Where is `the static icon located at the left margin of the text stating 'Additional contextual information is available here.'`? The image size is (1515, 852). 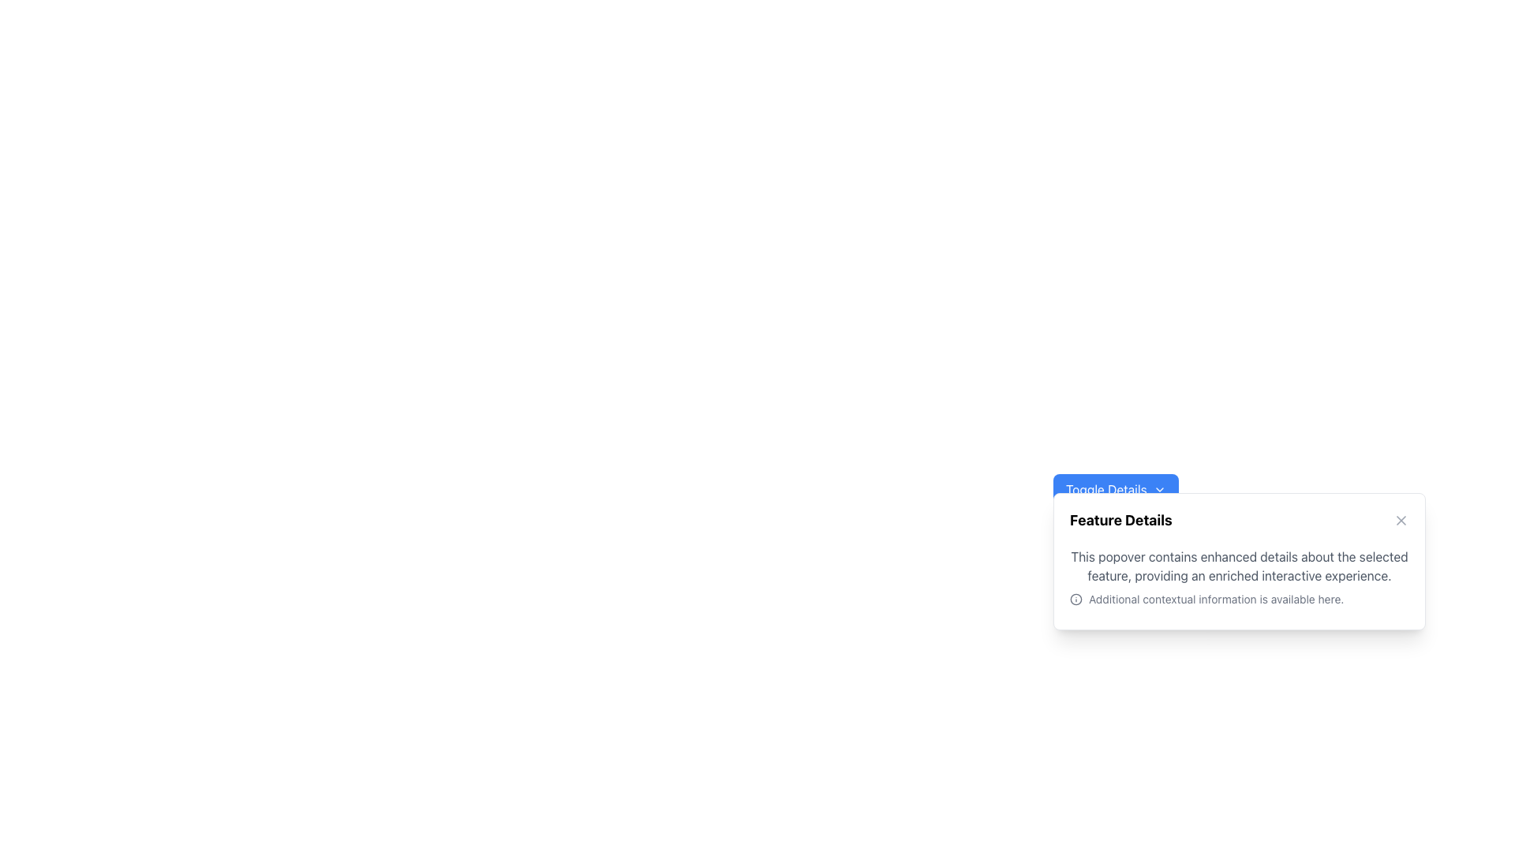
the static icon located at the left margin of the text stating 'Additional contextual information is available here.' is located at coordinates (1075, 599).